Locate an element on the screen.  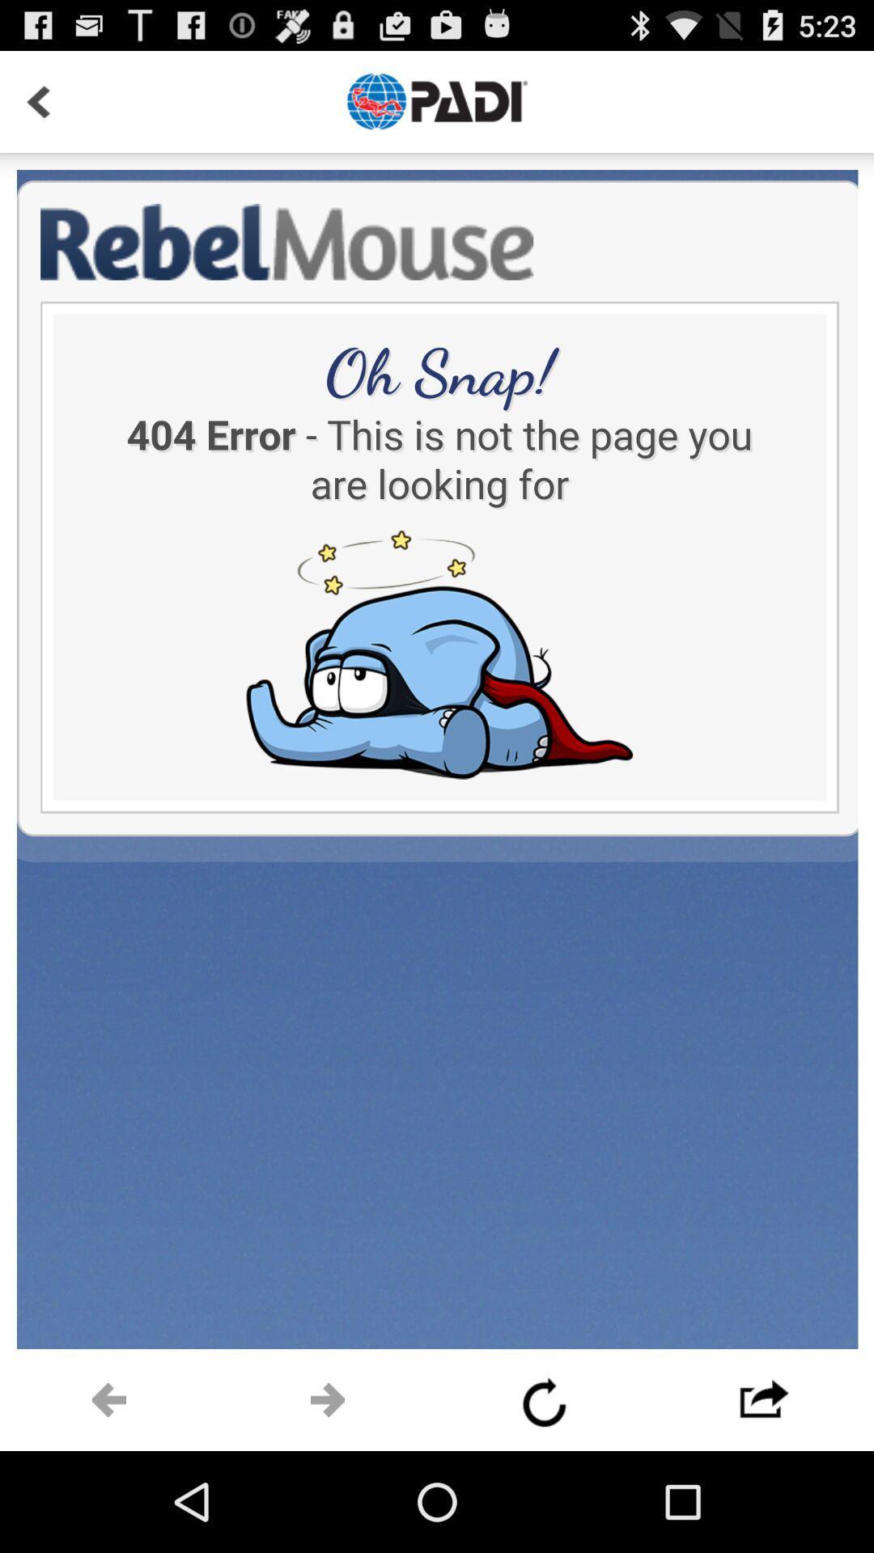
previous is located at coordinates (109, 1399).